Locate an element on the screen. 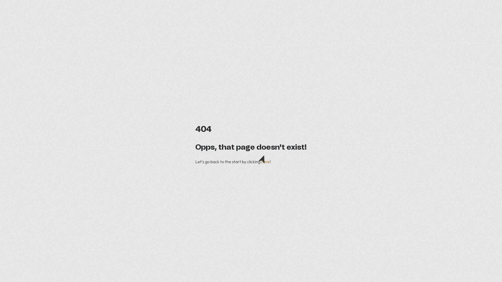 The width and height of the screenshot is (502, 282). 'here' is located at coordinates (265, 161).